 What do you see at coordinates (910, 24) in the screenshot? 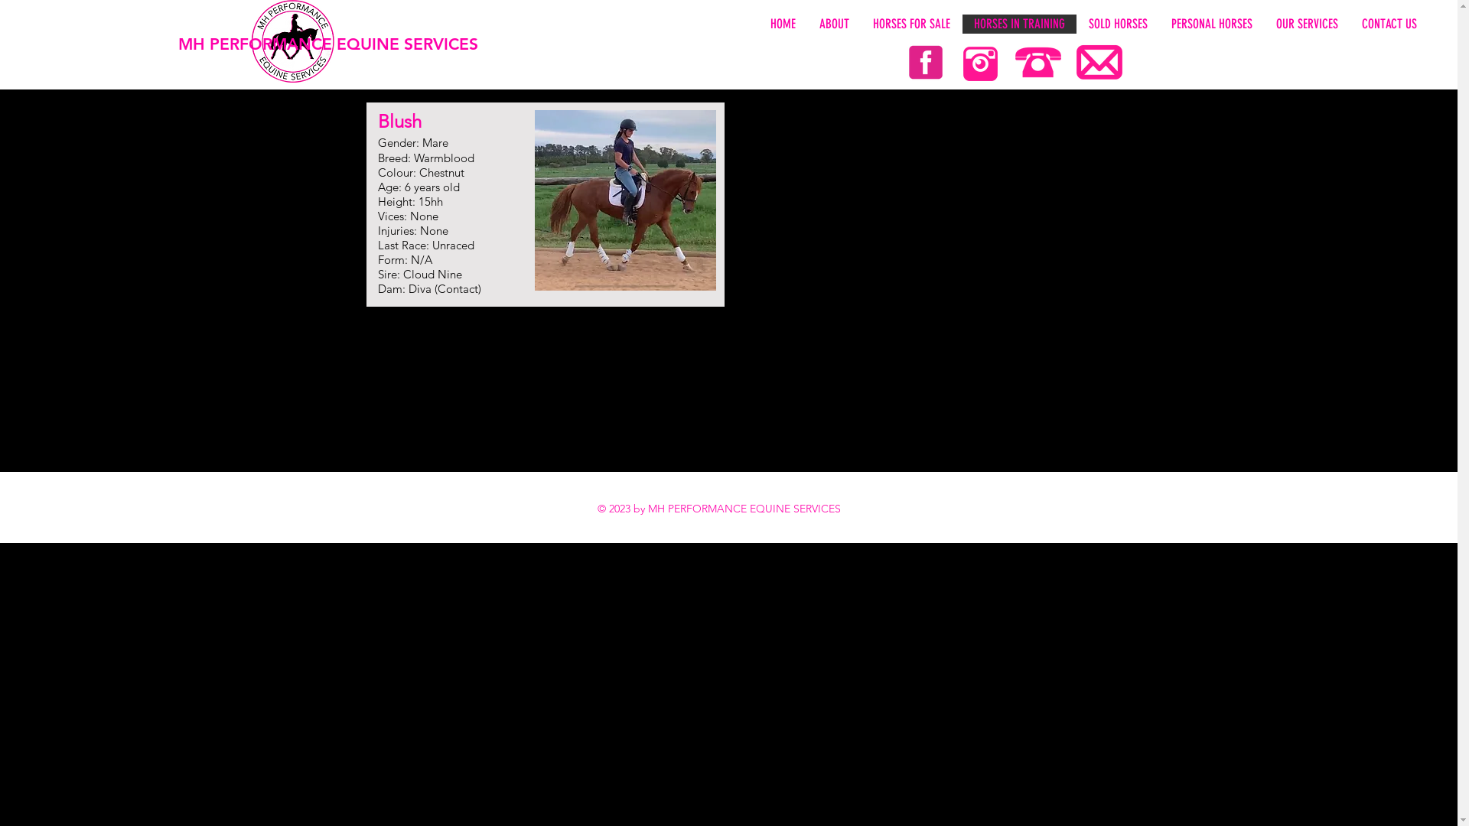
I see `'HORSES FOR SALE'` at bounding box center [910, 24].